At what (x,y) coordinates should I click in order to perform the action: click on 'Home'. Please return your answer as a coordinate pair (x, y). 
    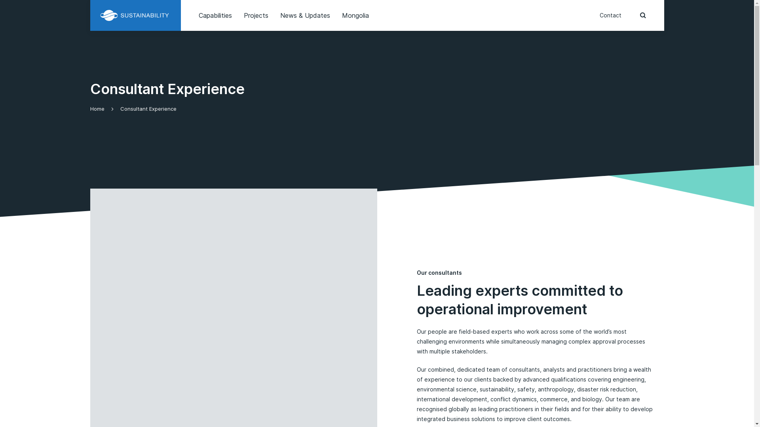
    Looking at the image, I should click on (97, 109).